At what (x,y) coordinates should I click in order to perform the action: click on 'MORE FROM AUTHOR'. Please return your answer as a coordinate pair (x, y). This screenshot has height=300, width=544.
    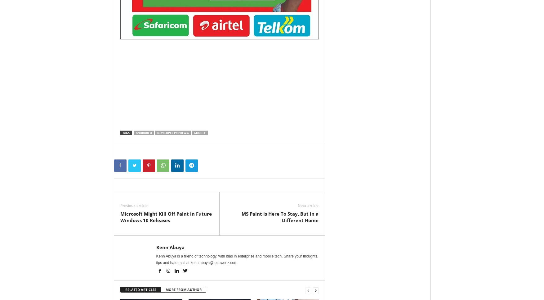
    Looking at the image, I should click on (183, 289).